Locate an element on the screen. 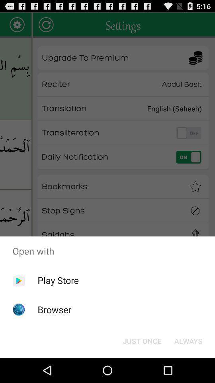 Image resolution: width=215 pixels, height=383 pixels. just once icon is located at coordinates (142, 340).